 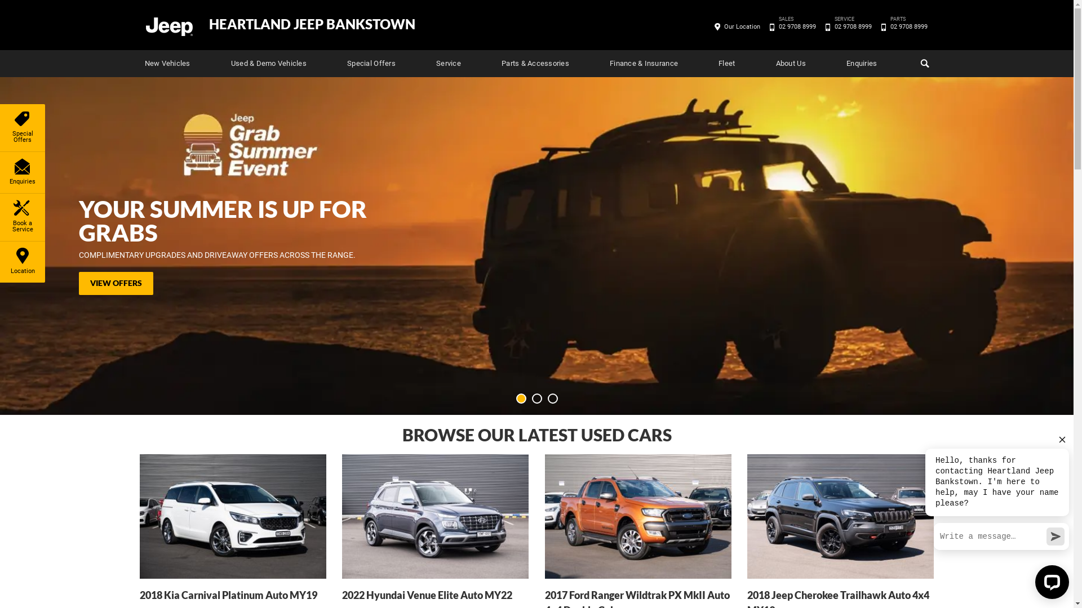 What do you see at coordinates (434, 528) in the screenshot?
I see `'2022 Hyundai Venue Elite Auto MY22'` at bounding box center [434, 528].